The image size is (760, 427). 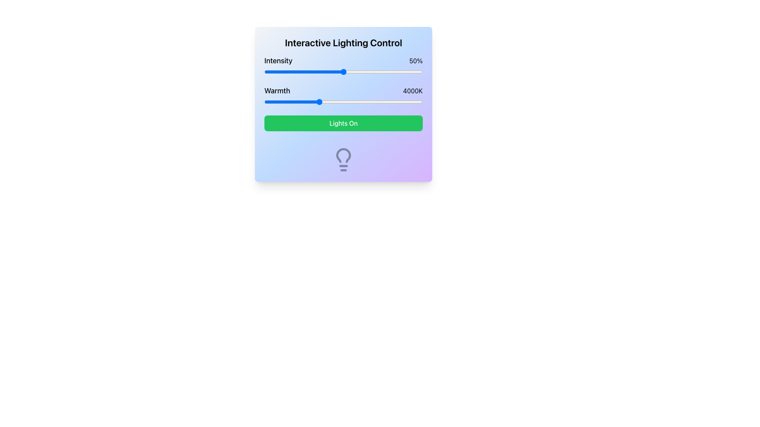 I want to click on the text label displaying '50%' which indicates the current intensity level adjustment, so click(x=416, y=60).